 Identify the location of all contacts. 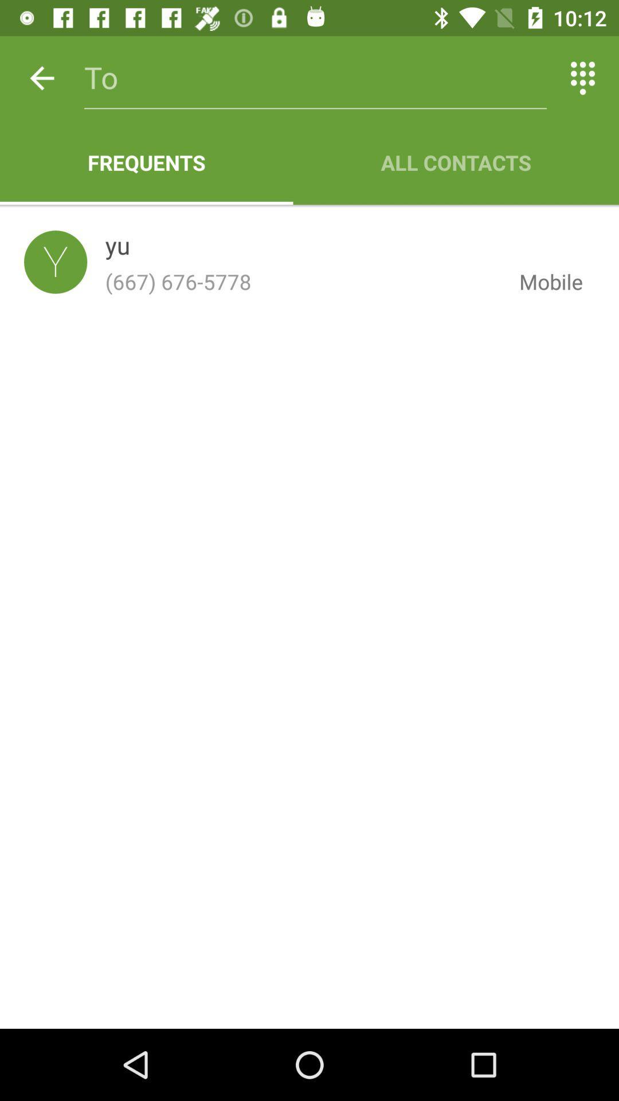
(455, 162).